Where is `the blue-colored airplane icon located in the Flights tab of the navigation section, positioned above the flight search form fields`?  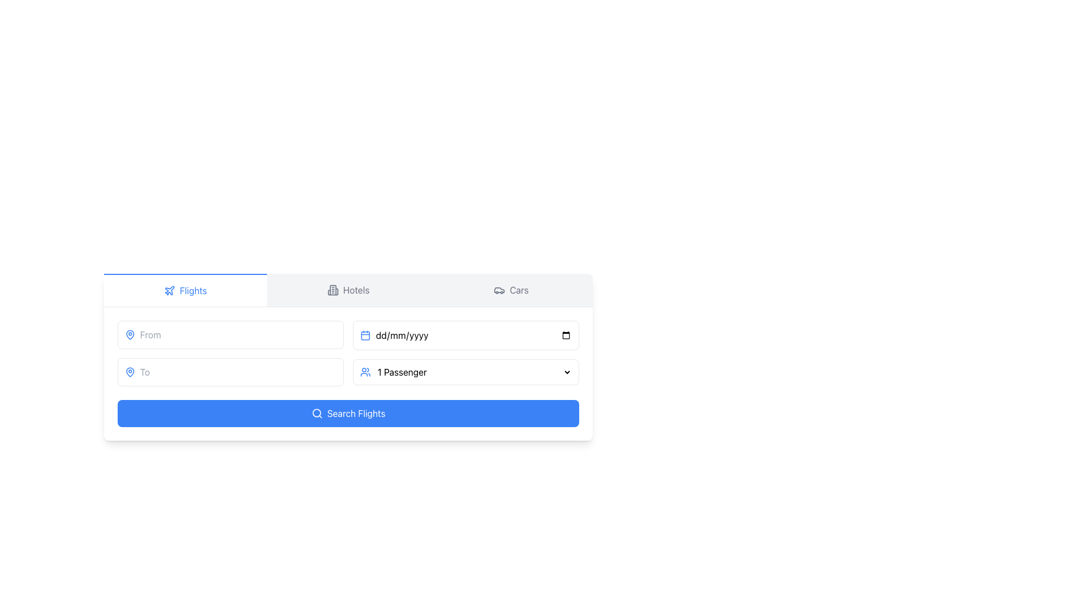
the blue-colored airplane icon located in the Flights tab of the navigation section, positioned above the flight search form fields is located at coordinates (169, 290).